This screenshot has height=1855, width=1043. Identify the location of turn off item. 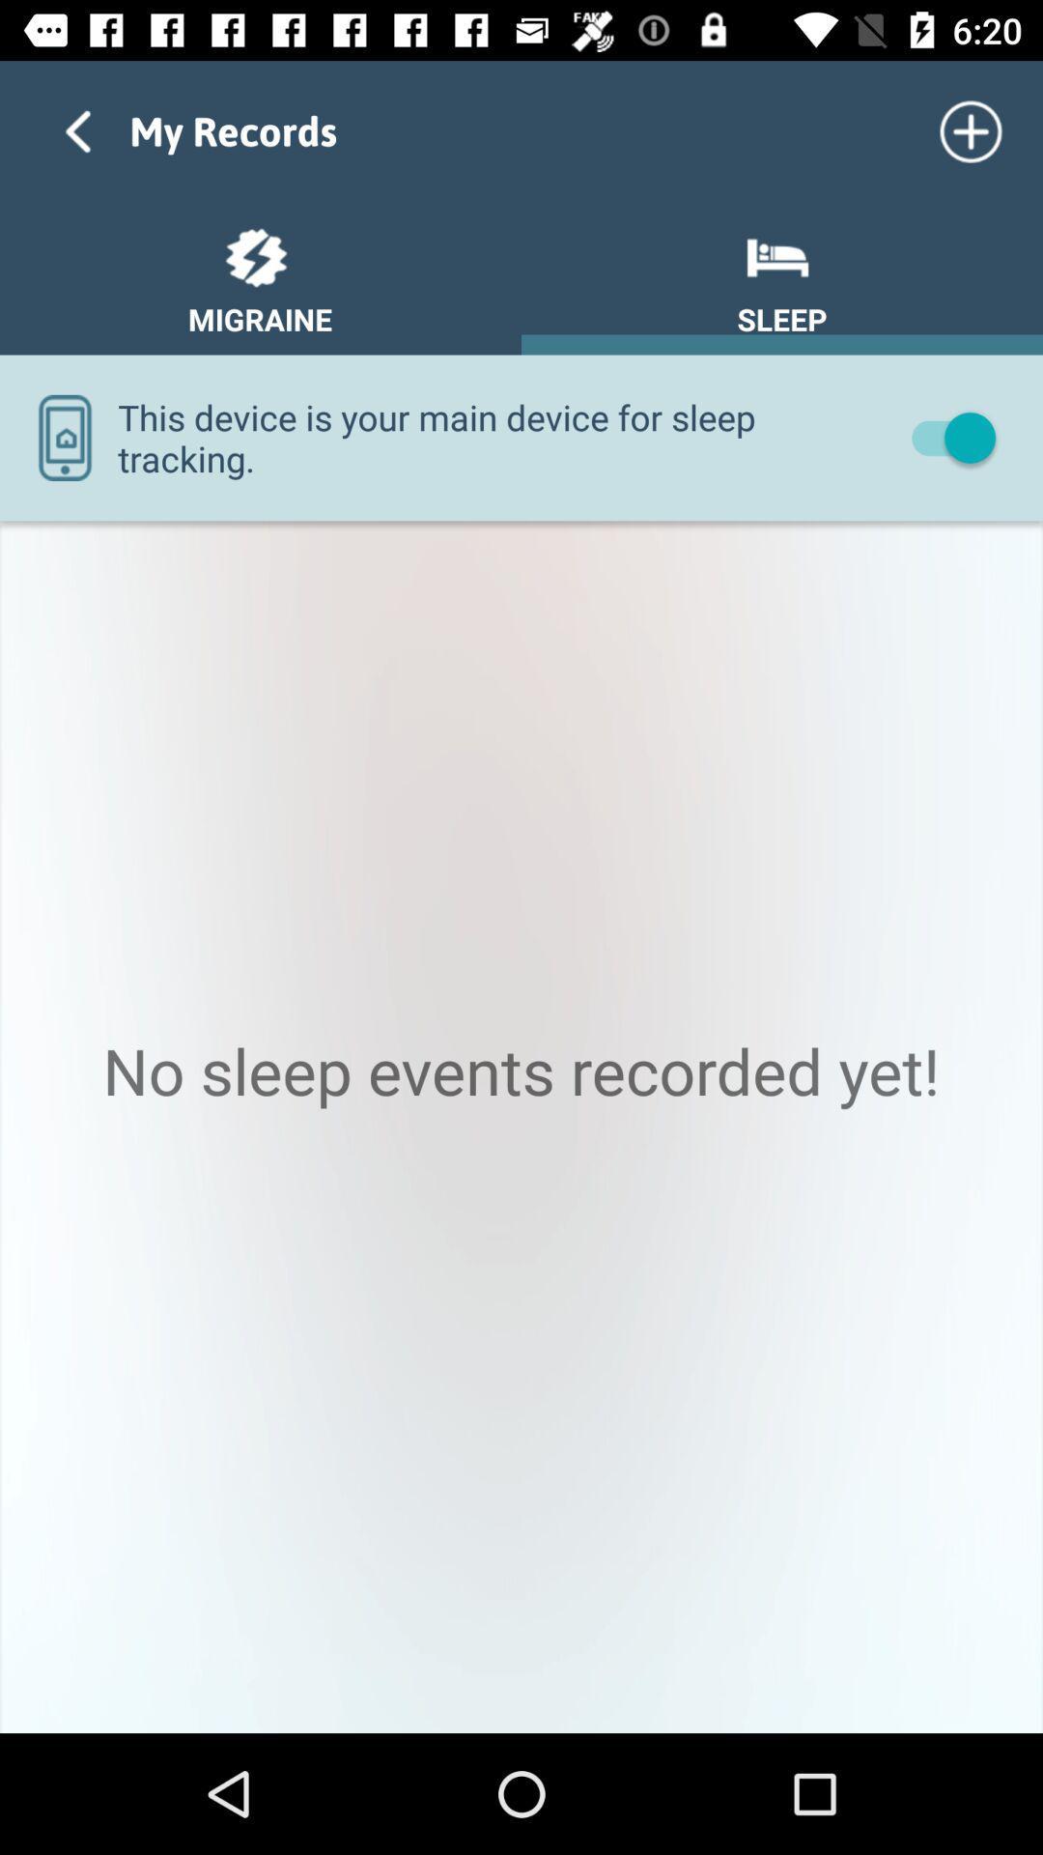
(944, 436).